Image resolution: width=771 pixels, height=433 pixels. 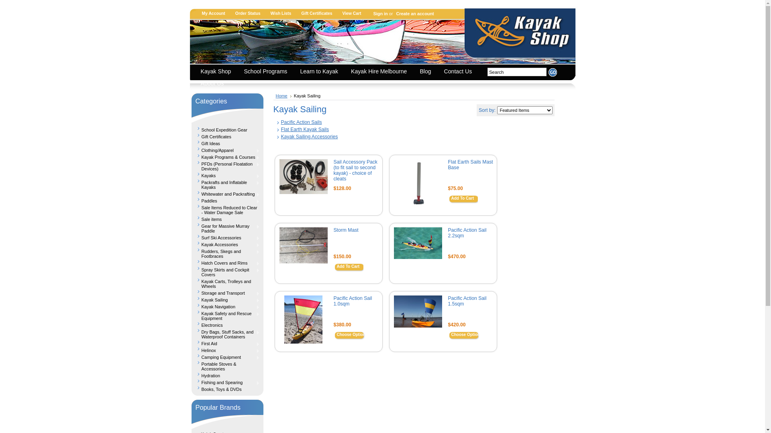 I want to click on 'Contact Us', so click(x=460, y=72).